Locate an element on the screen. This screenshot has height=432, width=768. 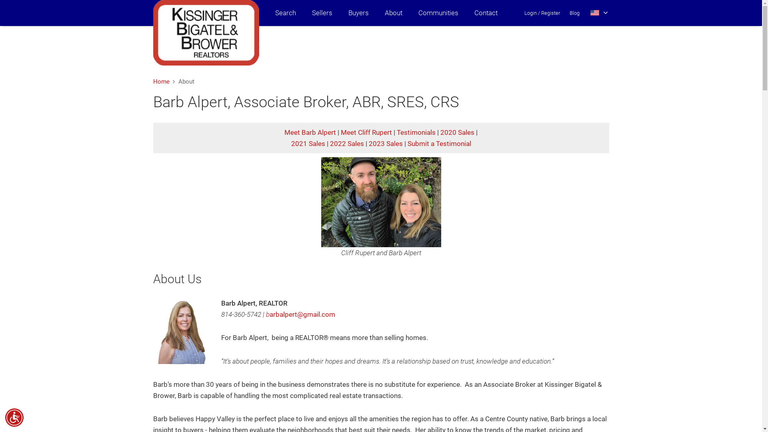
'Barb Alpert & Cliff Rupert' is located at coordinates (380, 202).